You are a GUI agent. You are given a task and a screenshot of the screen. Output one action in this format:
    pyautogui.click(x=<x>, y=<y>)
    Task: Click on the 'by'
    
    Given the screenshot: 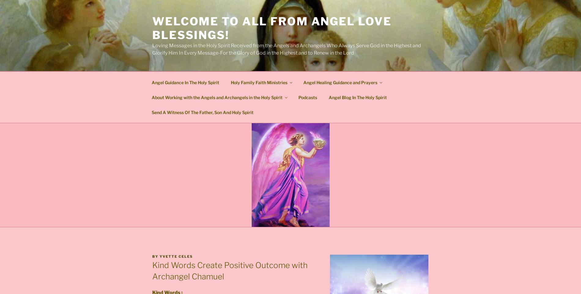 What is the action you would take?
    pyautogui.click(x=152, y=256)
    